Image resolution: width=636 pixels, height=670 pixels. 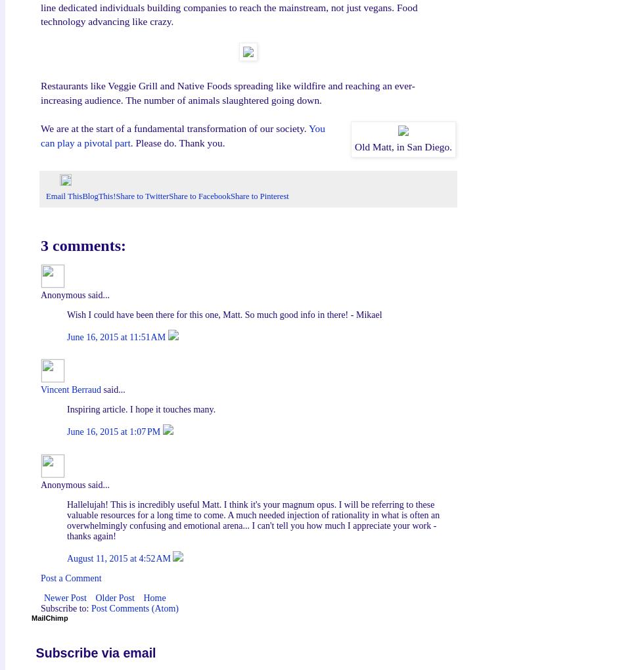 What do you see at coordinates (183, 135) in the screenshot?
I see `'You can play a pivotal part'` at bounding box center [183, 135].